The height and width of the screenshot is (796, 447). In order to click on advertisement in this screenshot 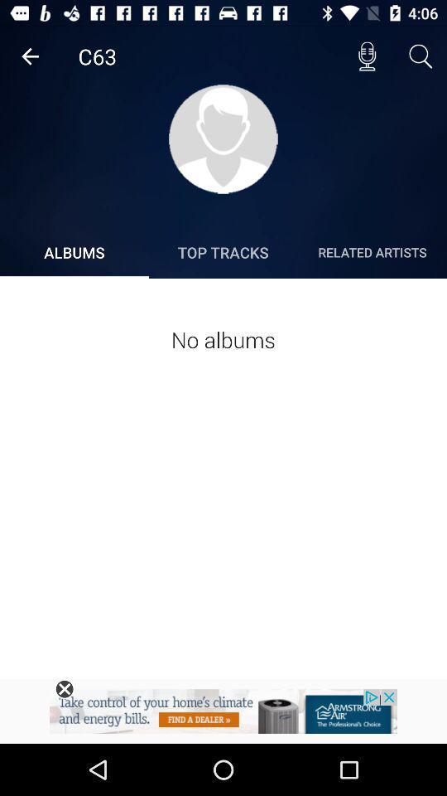, I will do `click(64, 689)`.